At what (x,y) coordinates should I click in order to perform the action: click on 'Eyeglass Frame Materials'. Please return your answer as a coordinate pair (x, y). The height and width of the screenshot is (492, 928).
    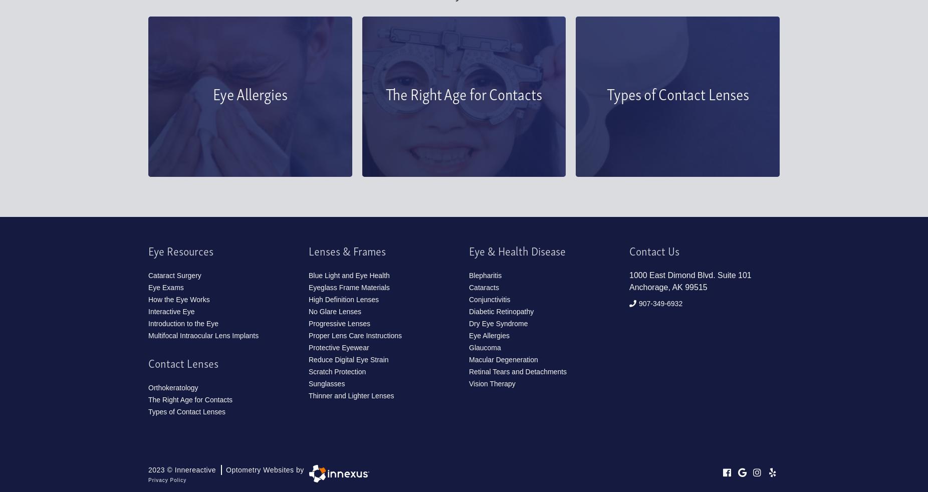
    Looking at the image, I should click on (349, 287).